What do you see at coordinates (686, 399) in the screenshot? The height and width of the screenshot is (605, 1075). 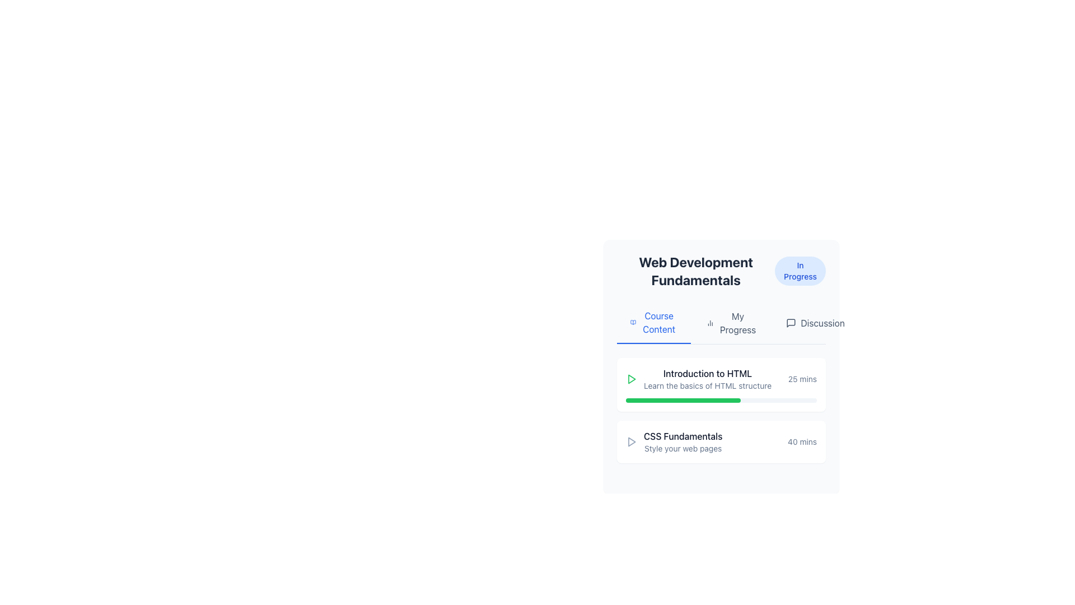 I see `progress bar completion` at bounding box center [686, 399].